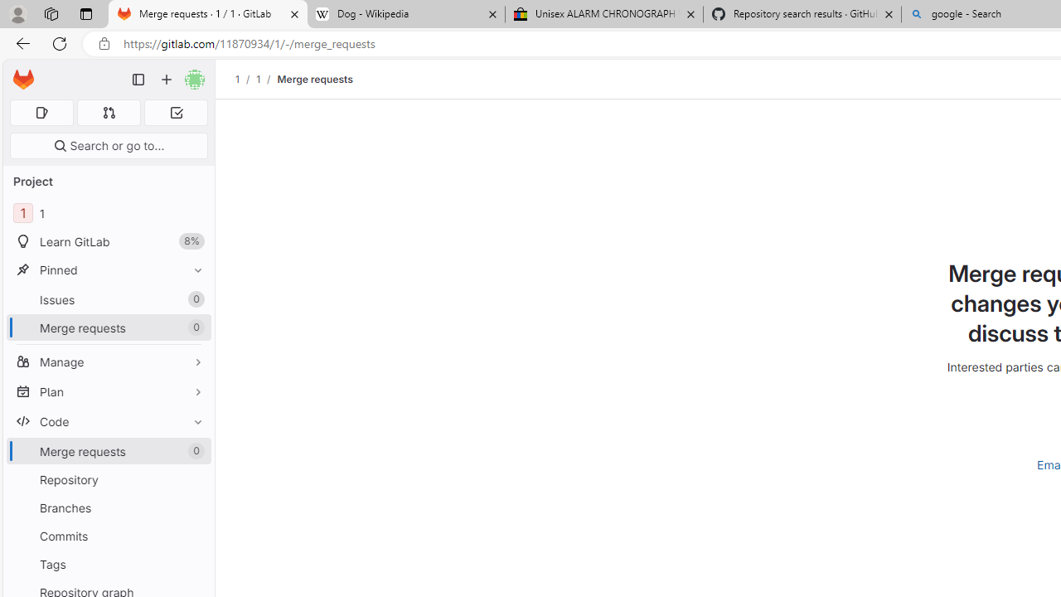 The height and width of the screenshot is (597, 1061). What do you see at coordinates (41, 112) in the screenshot?
I see `'Assigned issues 0'` at bounding box center [41, 112].